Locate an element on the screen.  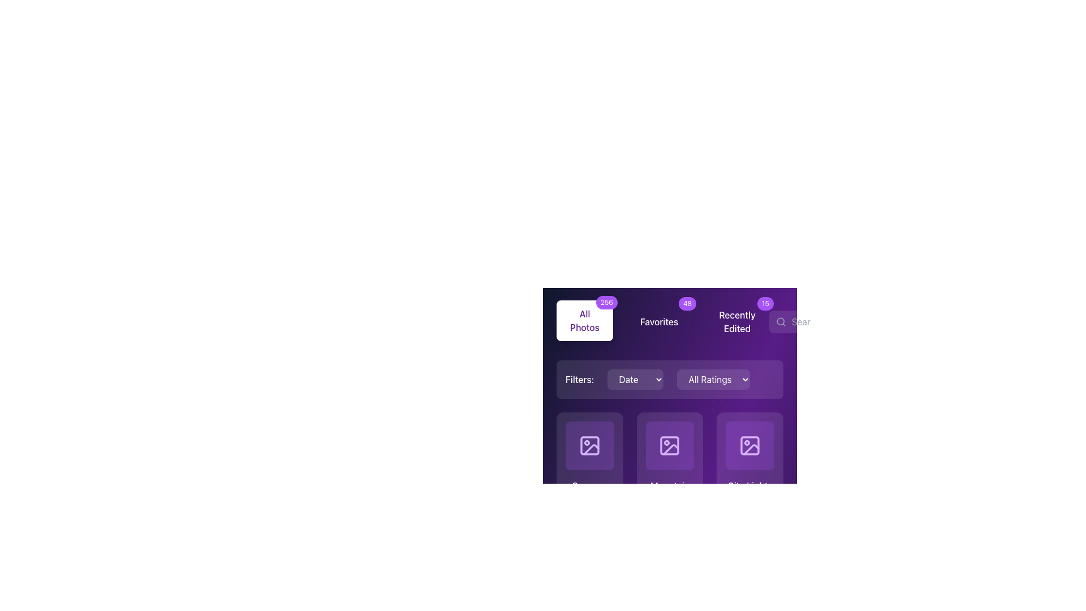
the button labeled 'Favorites' in the horizontal navigation menu is located at coordinates (670, 322).